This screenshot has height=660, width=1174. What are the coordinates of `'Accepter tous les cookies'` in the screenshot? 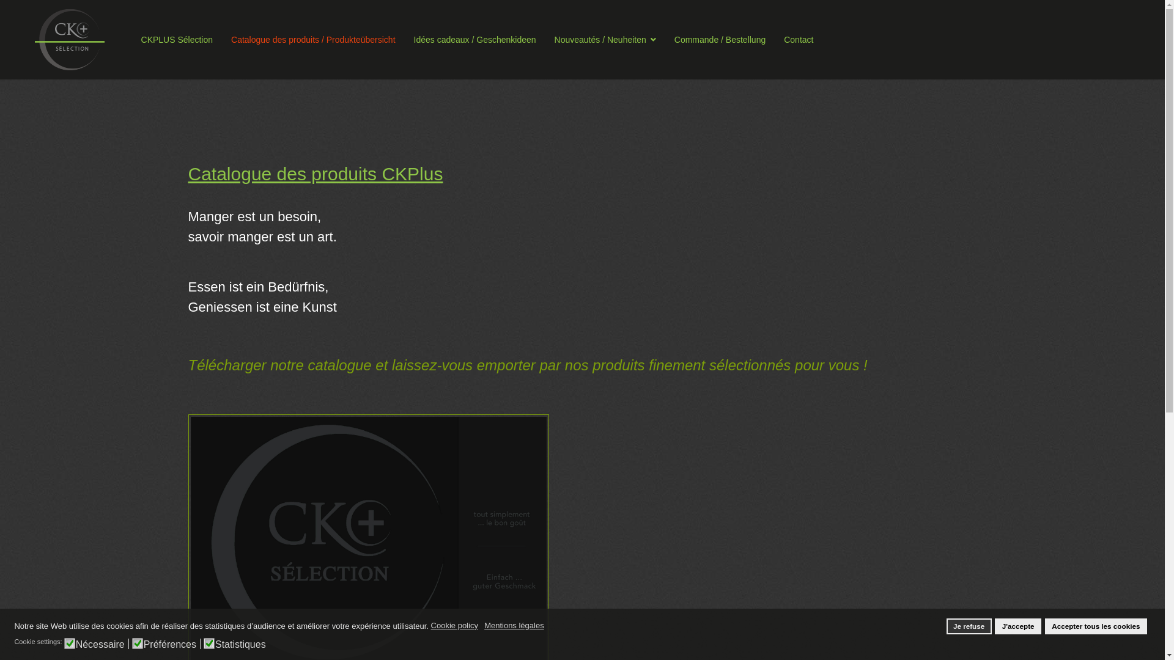 It's located at (1096, 626).